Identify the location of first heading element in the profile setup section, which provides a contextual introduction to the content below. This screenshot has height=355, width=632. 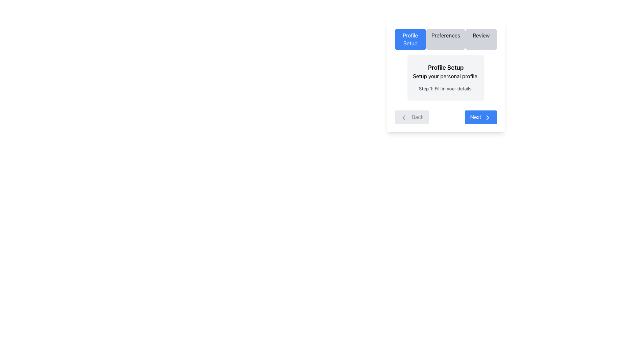
(446, 67).